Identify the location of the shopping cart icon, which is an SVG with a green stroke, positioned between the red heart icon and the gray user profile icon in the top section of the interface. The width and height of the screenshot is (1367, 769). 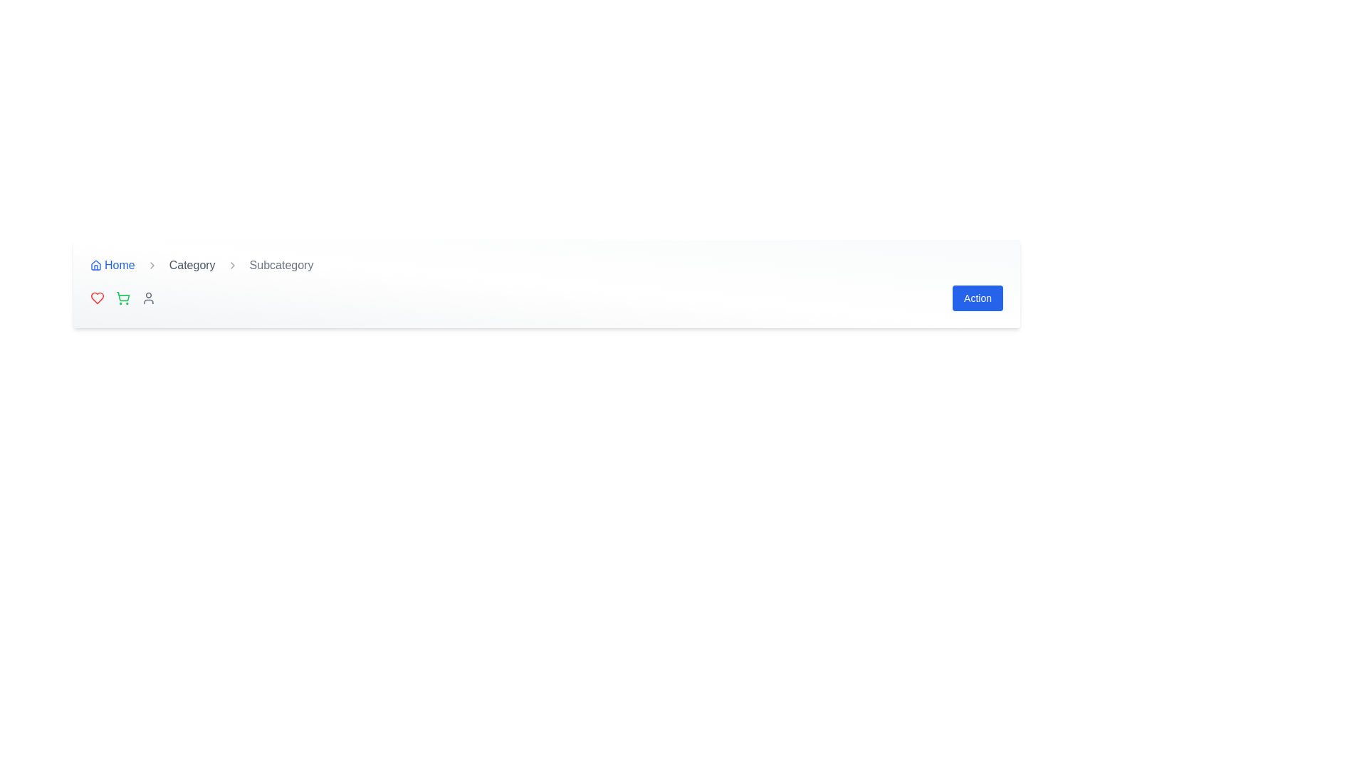
(122, 298).